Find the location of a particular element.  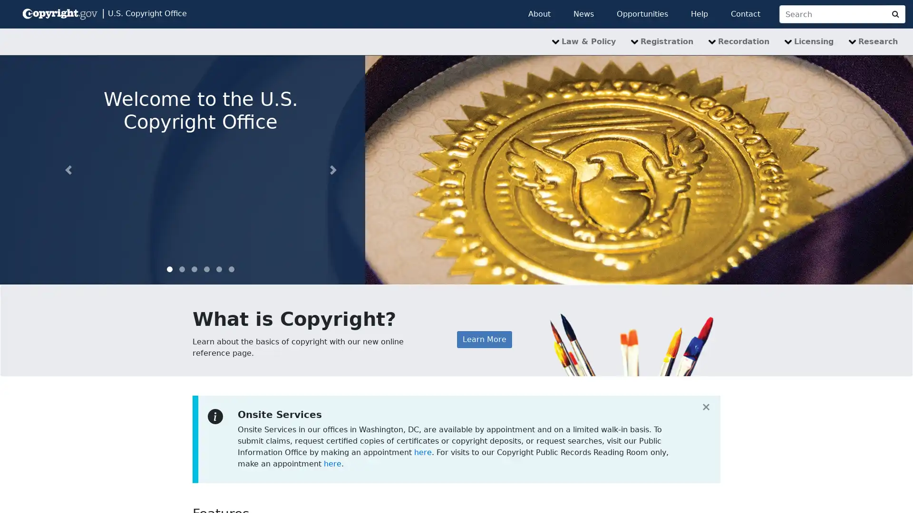

Next is located at coordinates (333, 169).